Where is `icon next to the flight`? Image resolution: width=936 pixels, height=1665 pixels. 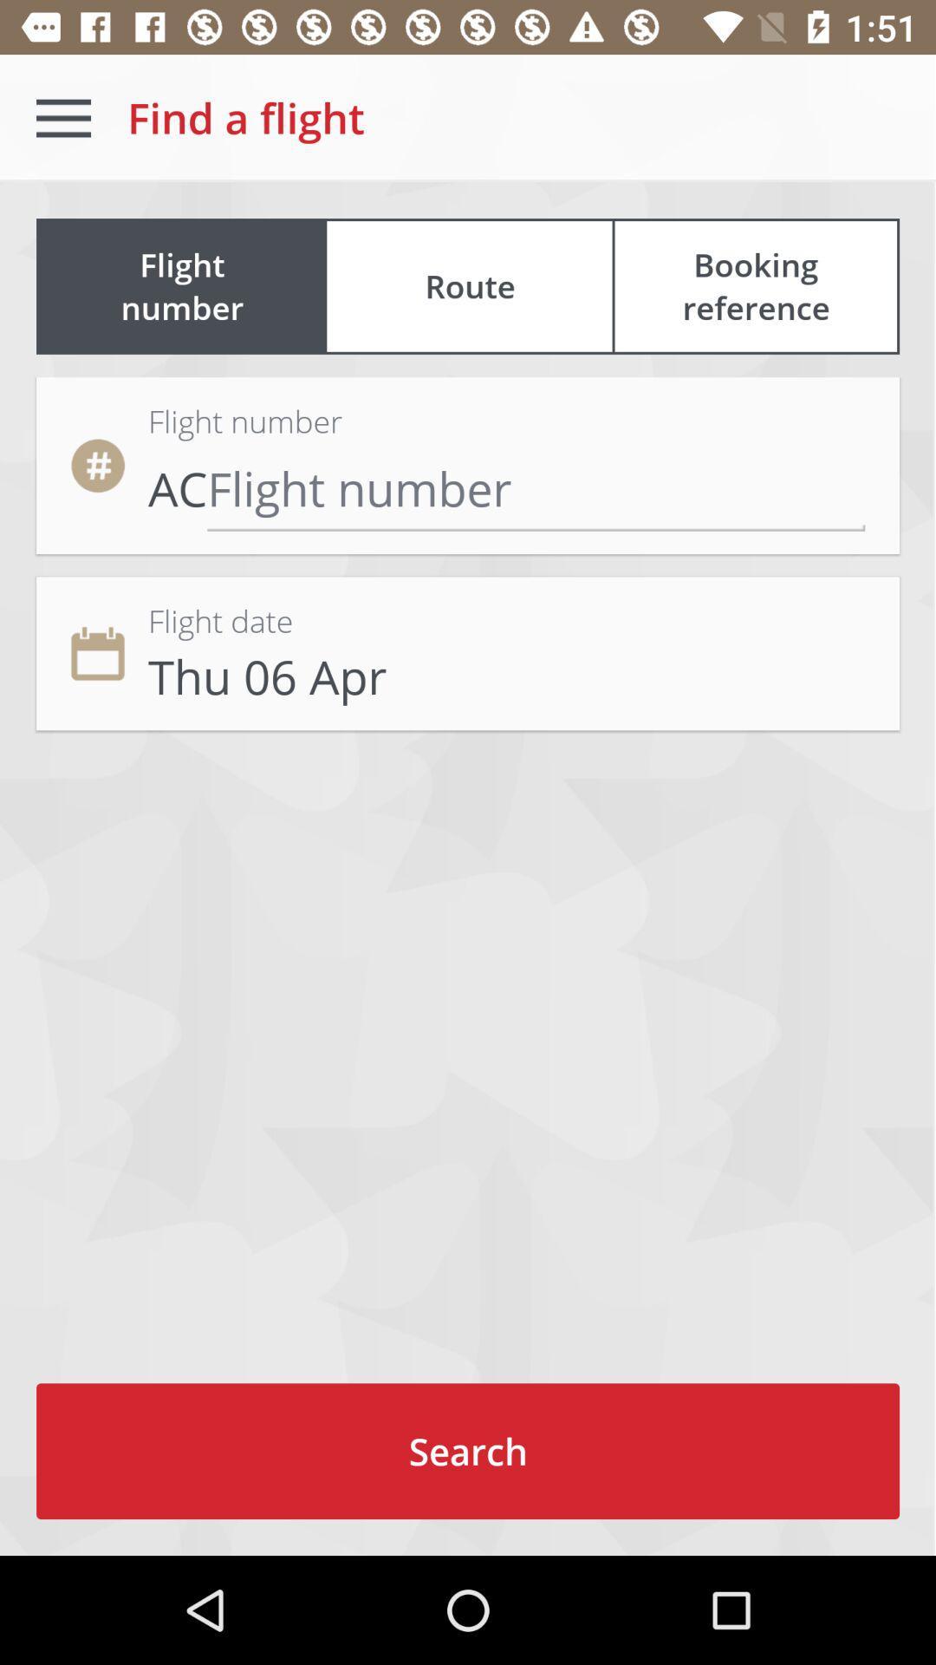
icon next to the flight is located at coordinates (755, 286).